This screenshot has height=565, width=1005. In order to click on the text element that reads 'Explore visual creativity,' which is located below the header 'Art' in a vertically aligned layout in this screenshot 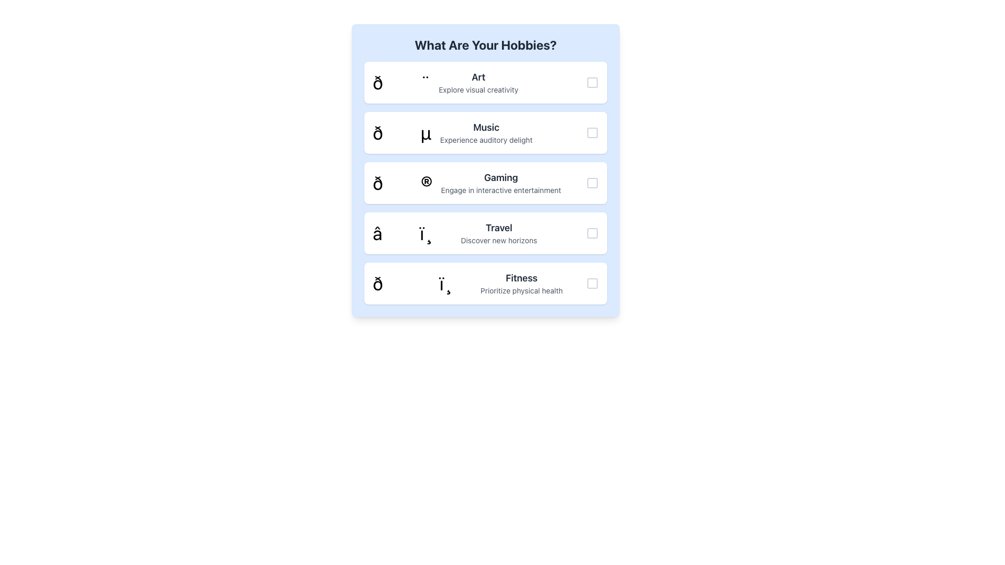, I will do `click(478, 89)`.